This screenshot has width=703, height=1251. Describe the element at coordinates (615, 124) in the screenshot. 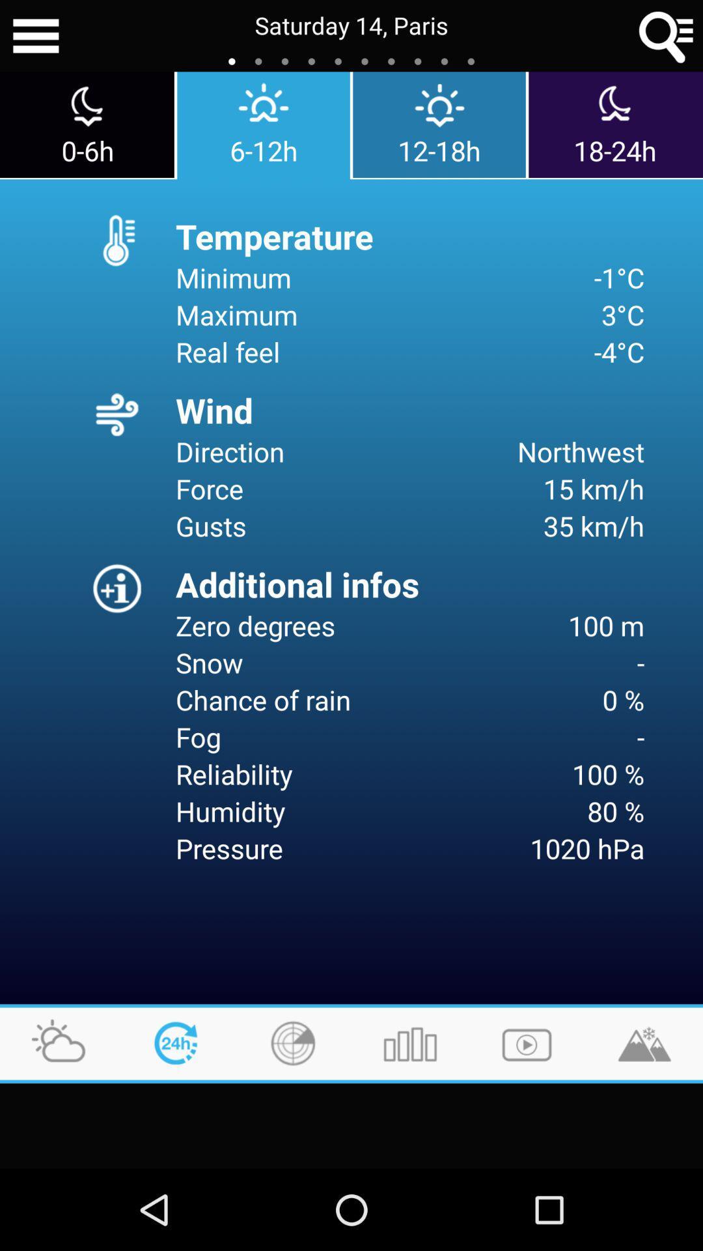

I see `the icon to the right of 12-18h icon` at that location.